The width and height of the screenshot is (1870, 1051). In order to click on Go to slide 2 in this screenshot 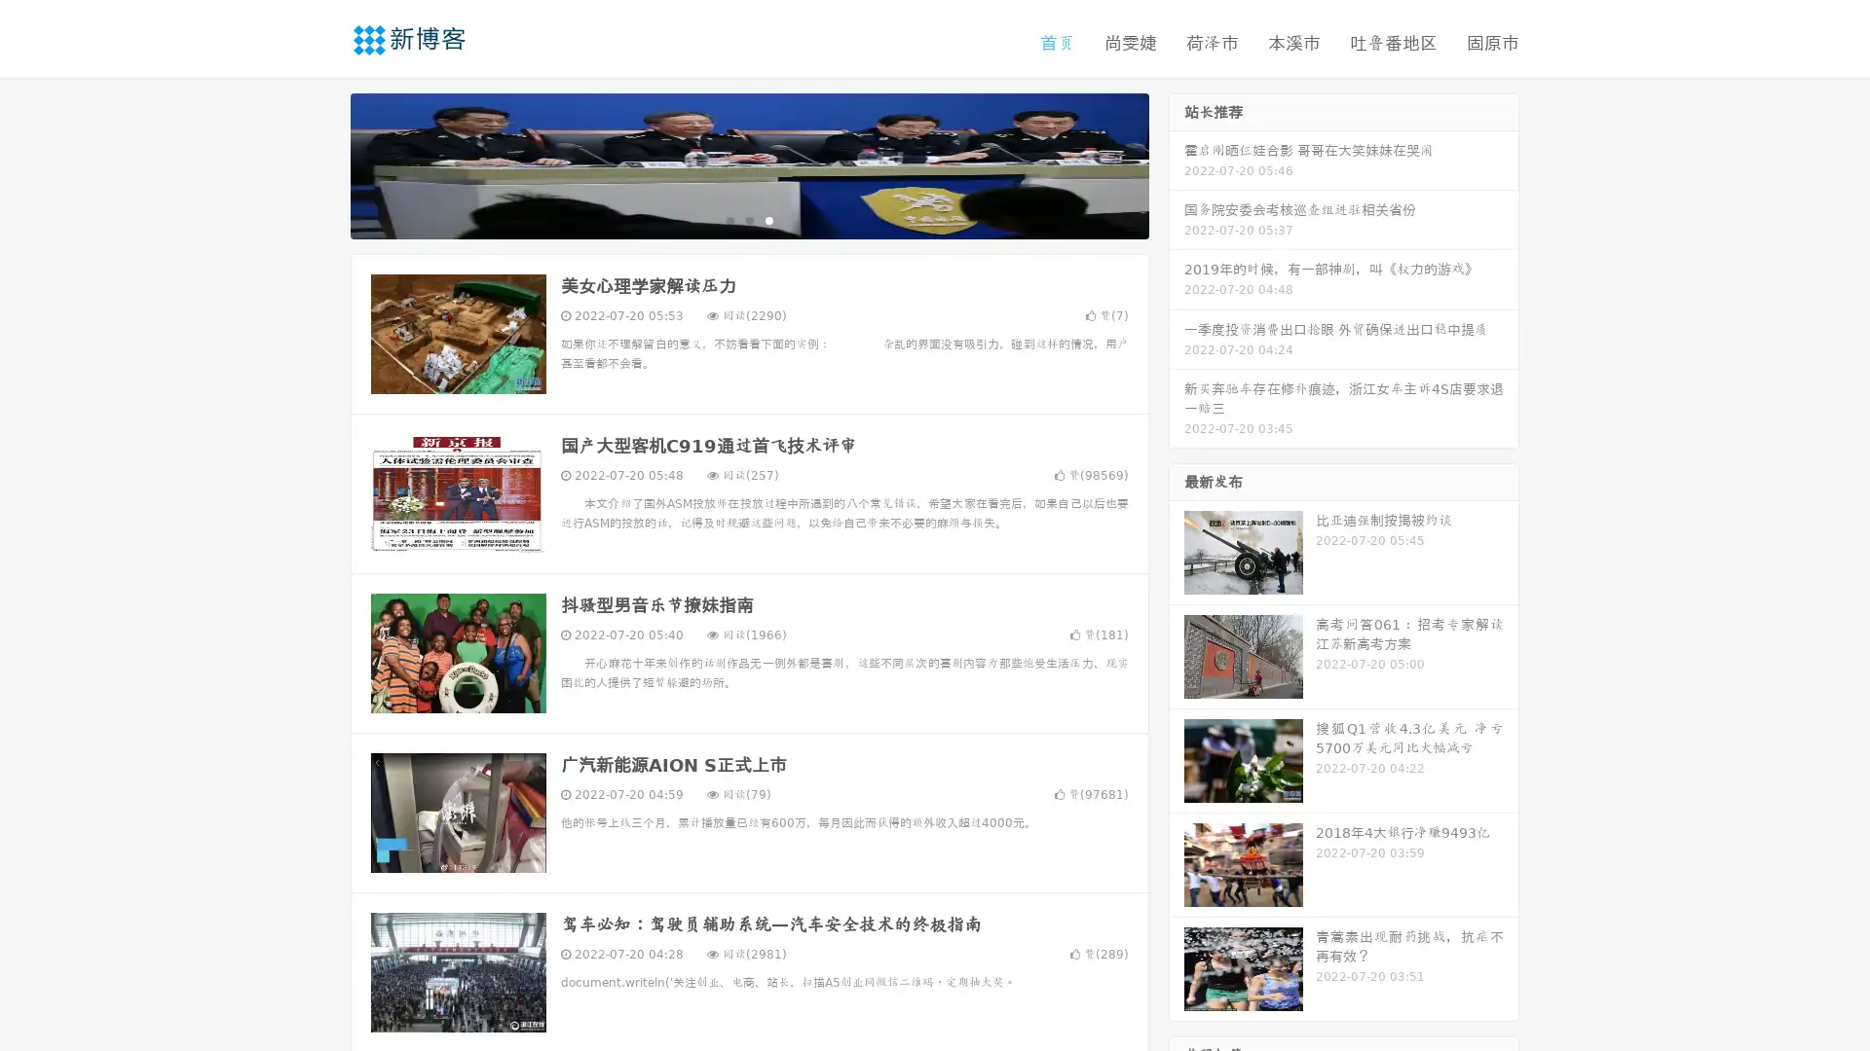, I will do `click(748, 219)`.